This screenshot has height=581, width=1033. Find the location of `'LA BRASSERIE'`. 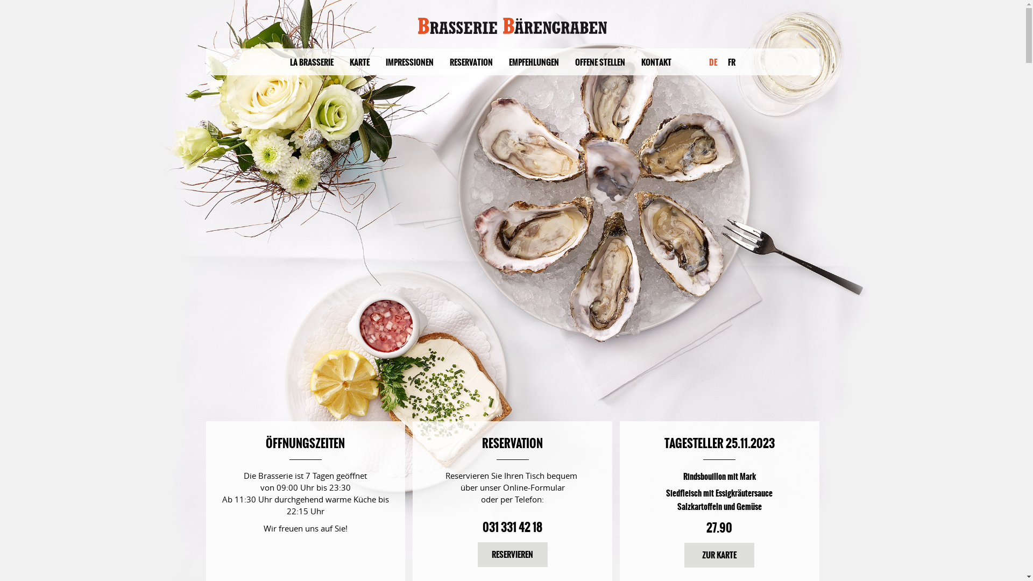

'LA BRASSERIE' is located at coordinates (311, 62).